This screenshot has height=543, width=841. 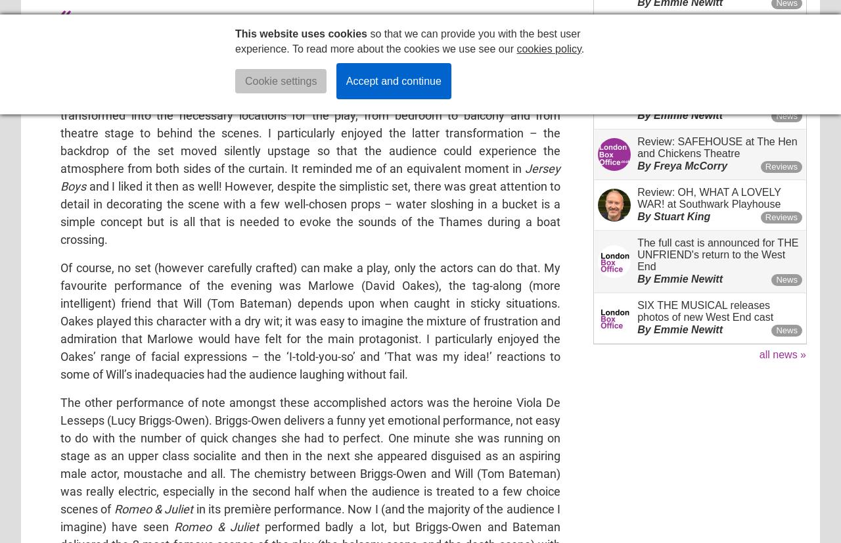 I want to click on 'Review: OH, WHAT A LOVELY WAR! at Southwark Playhouse', so click(x=708, y=197).